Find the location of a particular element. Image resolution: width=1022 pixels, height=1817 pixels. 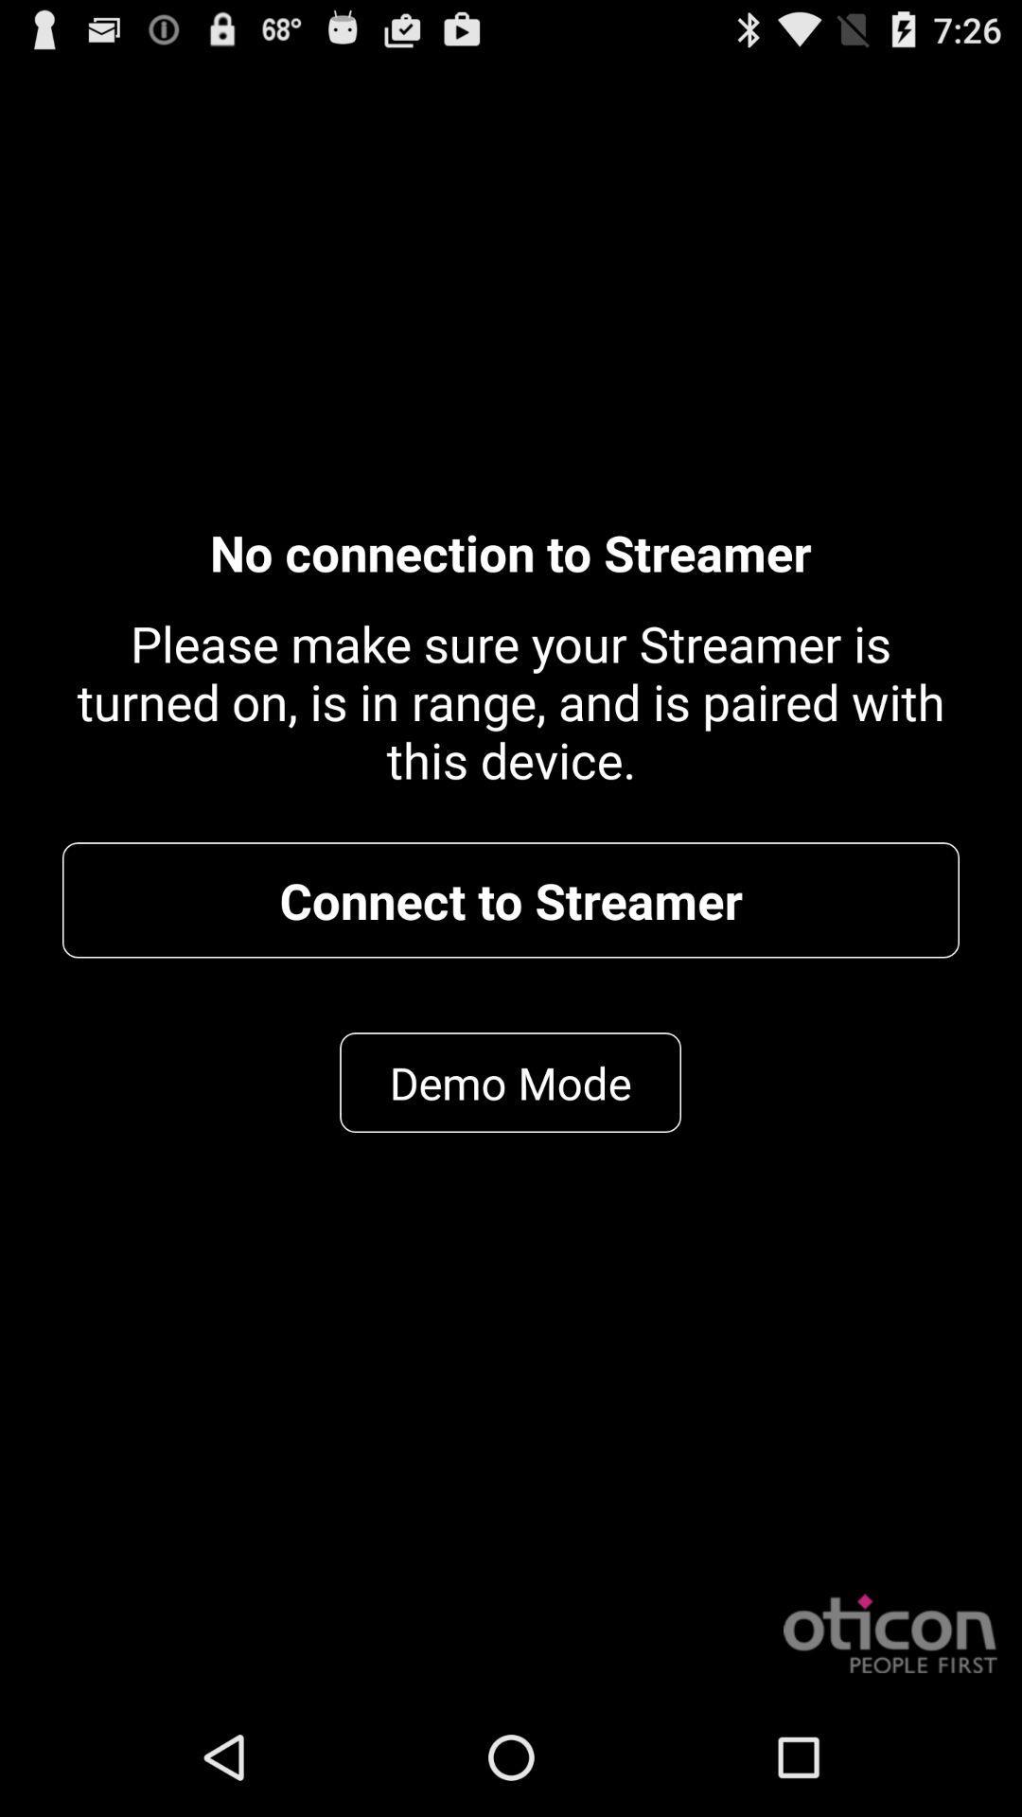

item below connect to streamer is located at coordinates (509, 1083).